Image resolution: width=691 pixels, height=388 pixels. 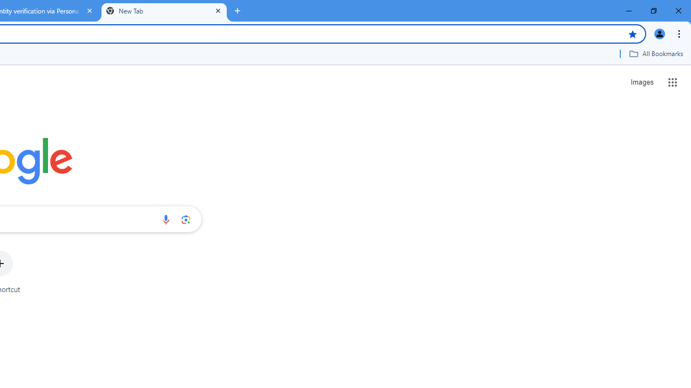 I want to click on 'Search by voice', so click(x=165, y=219).